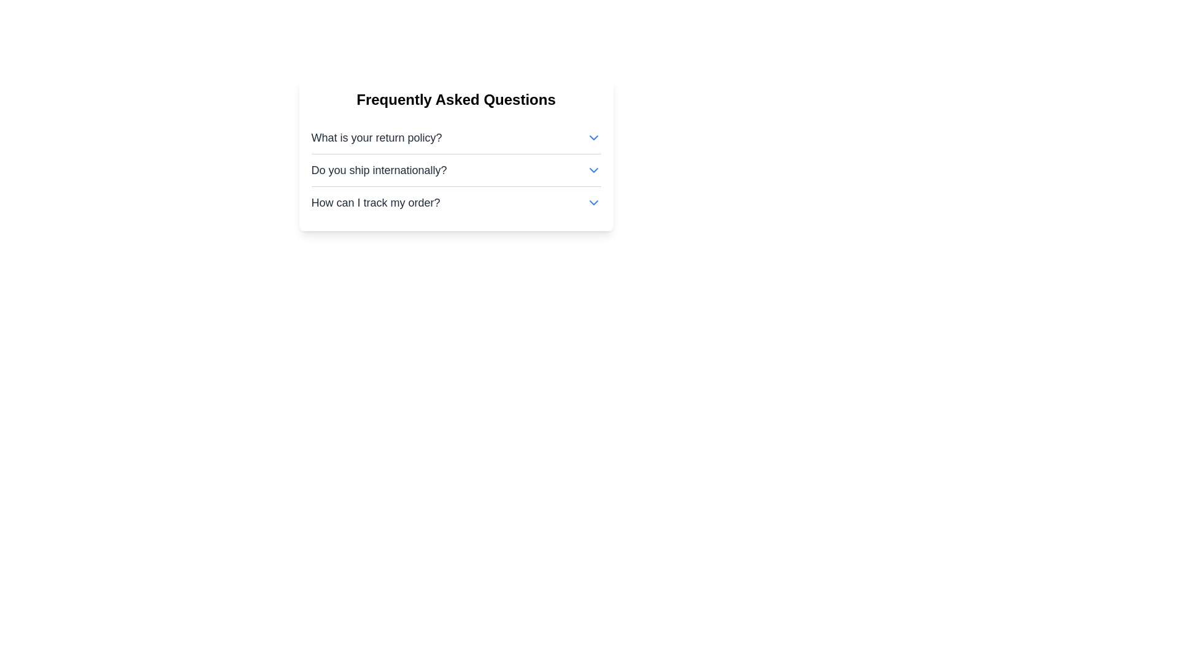  I want to click on the downward-pointing chevron icon styled in blue, located at the rightmost end of the 'What is your return policy?' text, so click(593, 137).